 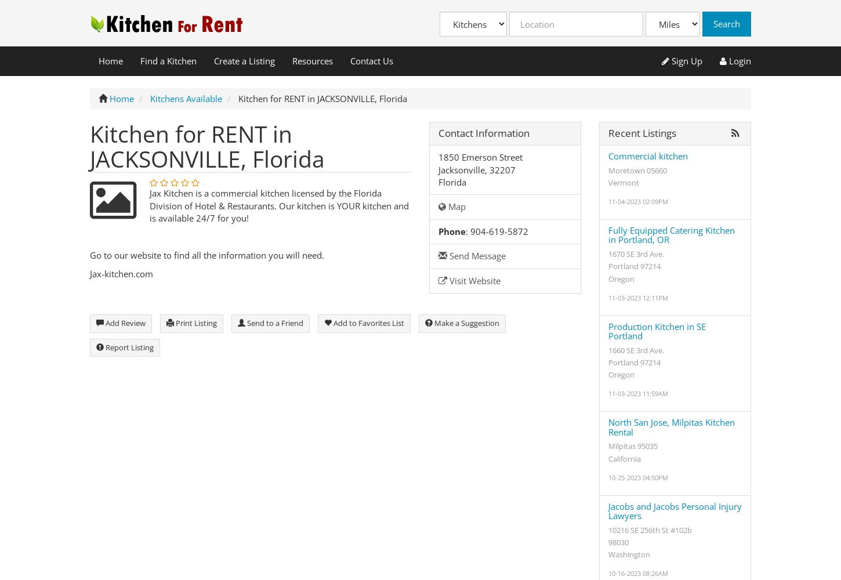 What do you see at coordinates (466, 323) in the screenshot?
I see `'Make a Suggestion'` at bounding box center [466, 323].